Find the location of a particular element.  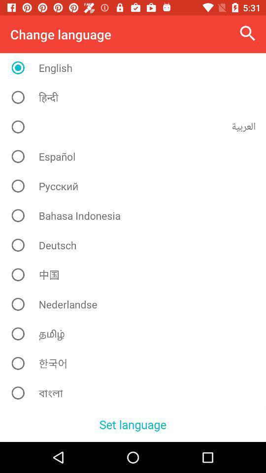

the item above the deutsch icon is located at coordinates (136, 215).